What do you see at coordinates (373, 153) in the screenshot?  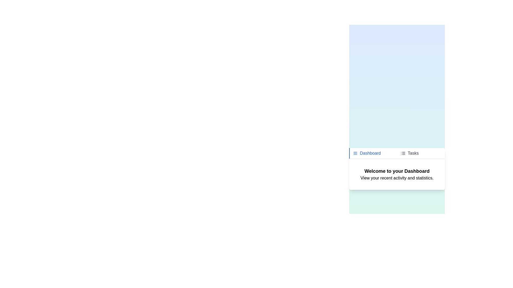 I see `the tab labeled Dashboard` at bounding box center [373, 153].